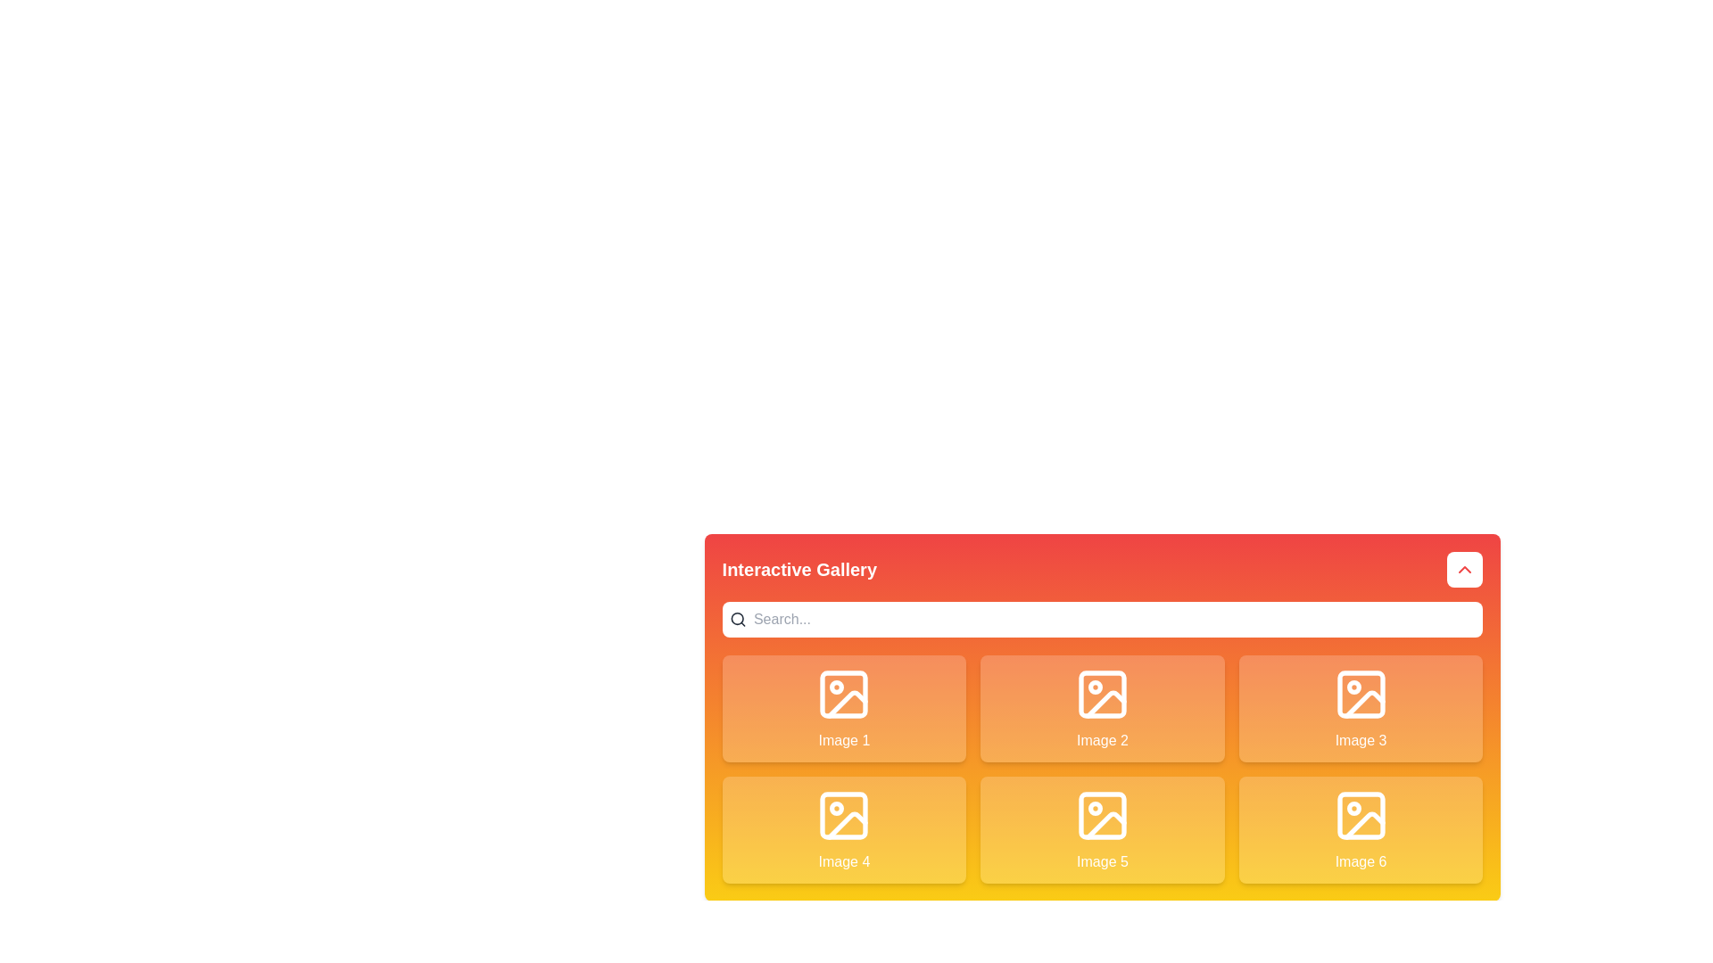 This screenshot has width=1713, height=963. What do you see at coordinates (843, 707) in the screenshot?
I see `the first card component in the grid layout` at bounding box center [843, 707].